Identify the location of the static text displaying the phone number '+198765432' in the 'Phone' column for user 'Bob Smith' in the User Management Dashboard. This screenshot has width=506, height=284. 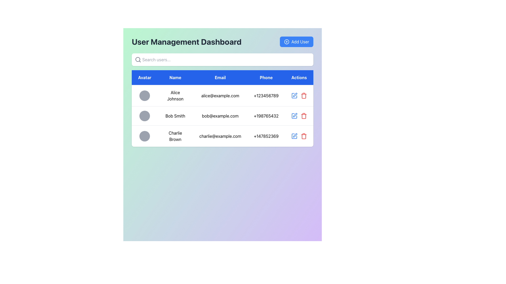
(266, 115).